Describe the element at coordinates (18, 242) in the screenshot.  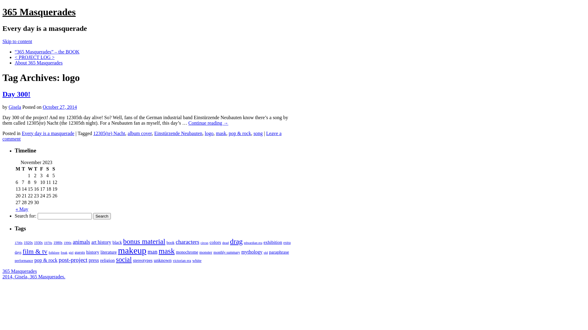
I see `'1700s'` at that location.